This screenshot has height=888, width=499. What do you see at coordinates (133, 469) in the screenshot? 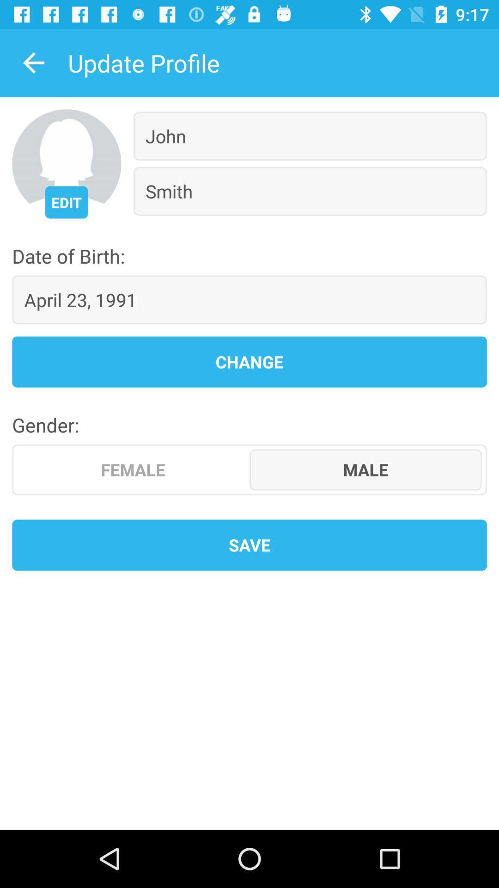
I see `female icon` at bounding box center [133, 469].